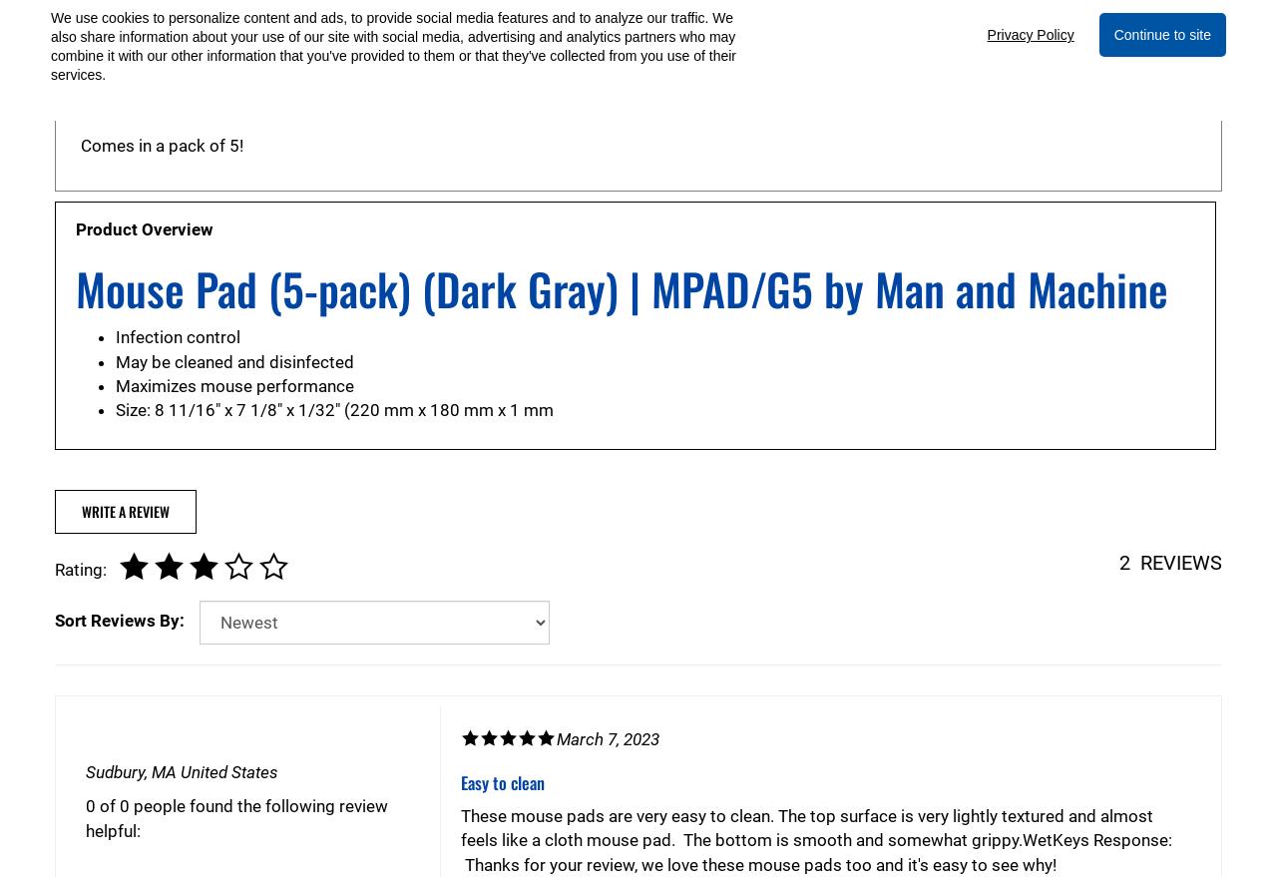 The image size is (1277, 877). Describe the element at coordinates (182, 771) in the screenshot. I see `'Sudbury, MA United States'` at that location.